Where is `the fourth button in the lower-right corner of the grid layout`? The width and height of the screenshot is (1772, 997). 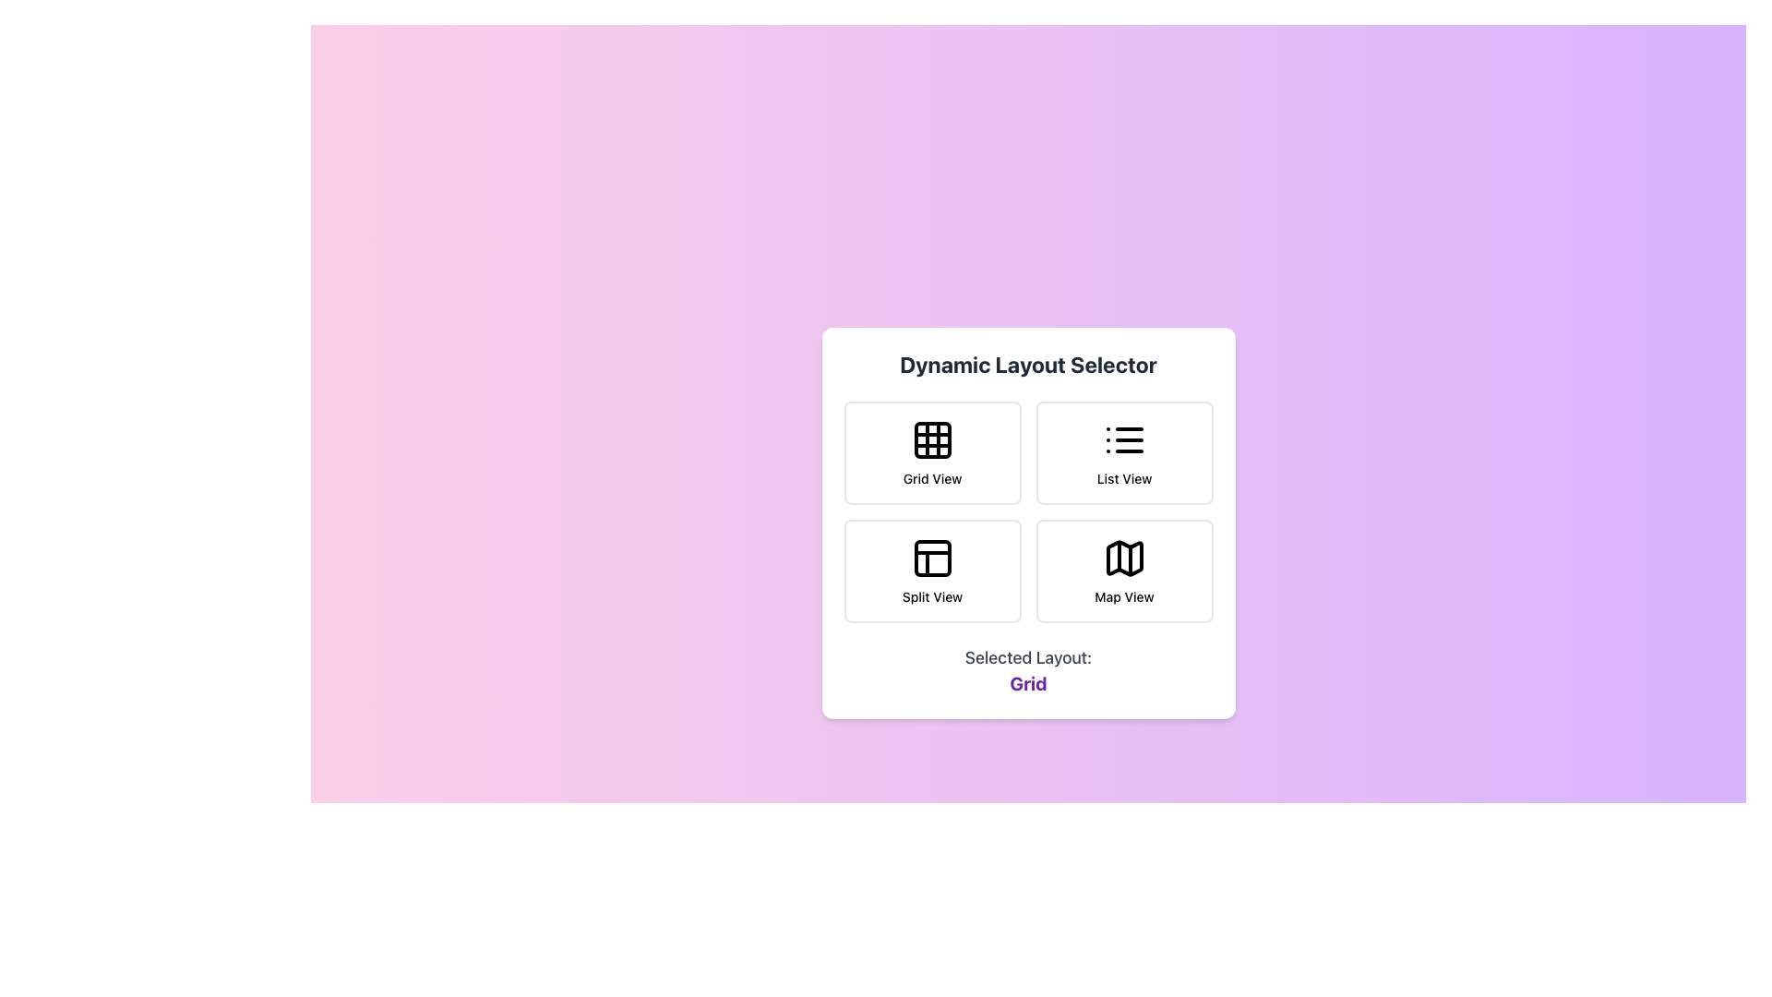 the fourth button in the lower-right corner of the grid layout is located at coordinates (1123, 570).